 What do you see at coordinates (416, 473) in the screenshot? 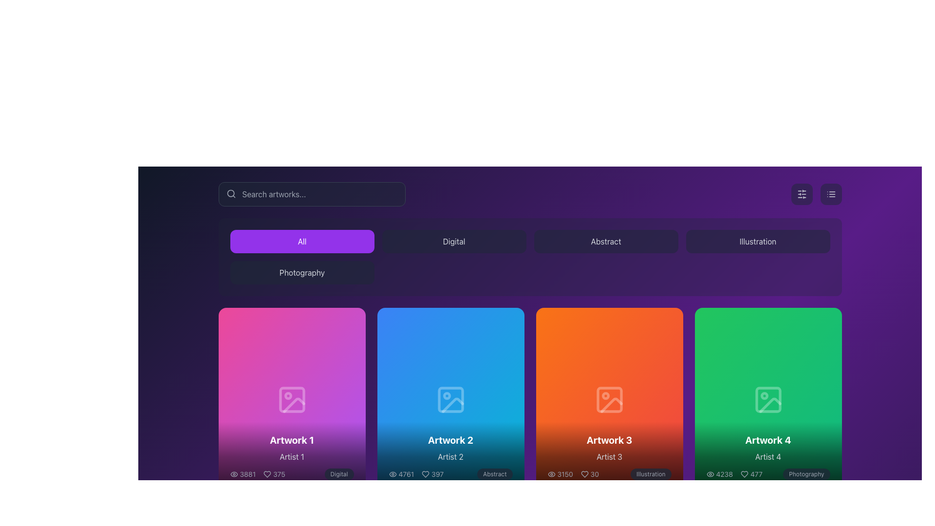
I see `the Icon-text pair displaying metrics with an eye icon showing '4761' and a heart icon showing '397' within the 'Artwork 2' card` at bounding box center [416, 473].